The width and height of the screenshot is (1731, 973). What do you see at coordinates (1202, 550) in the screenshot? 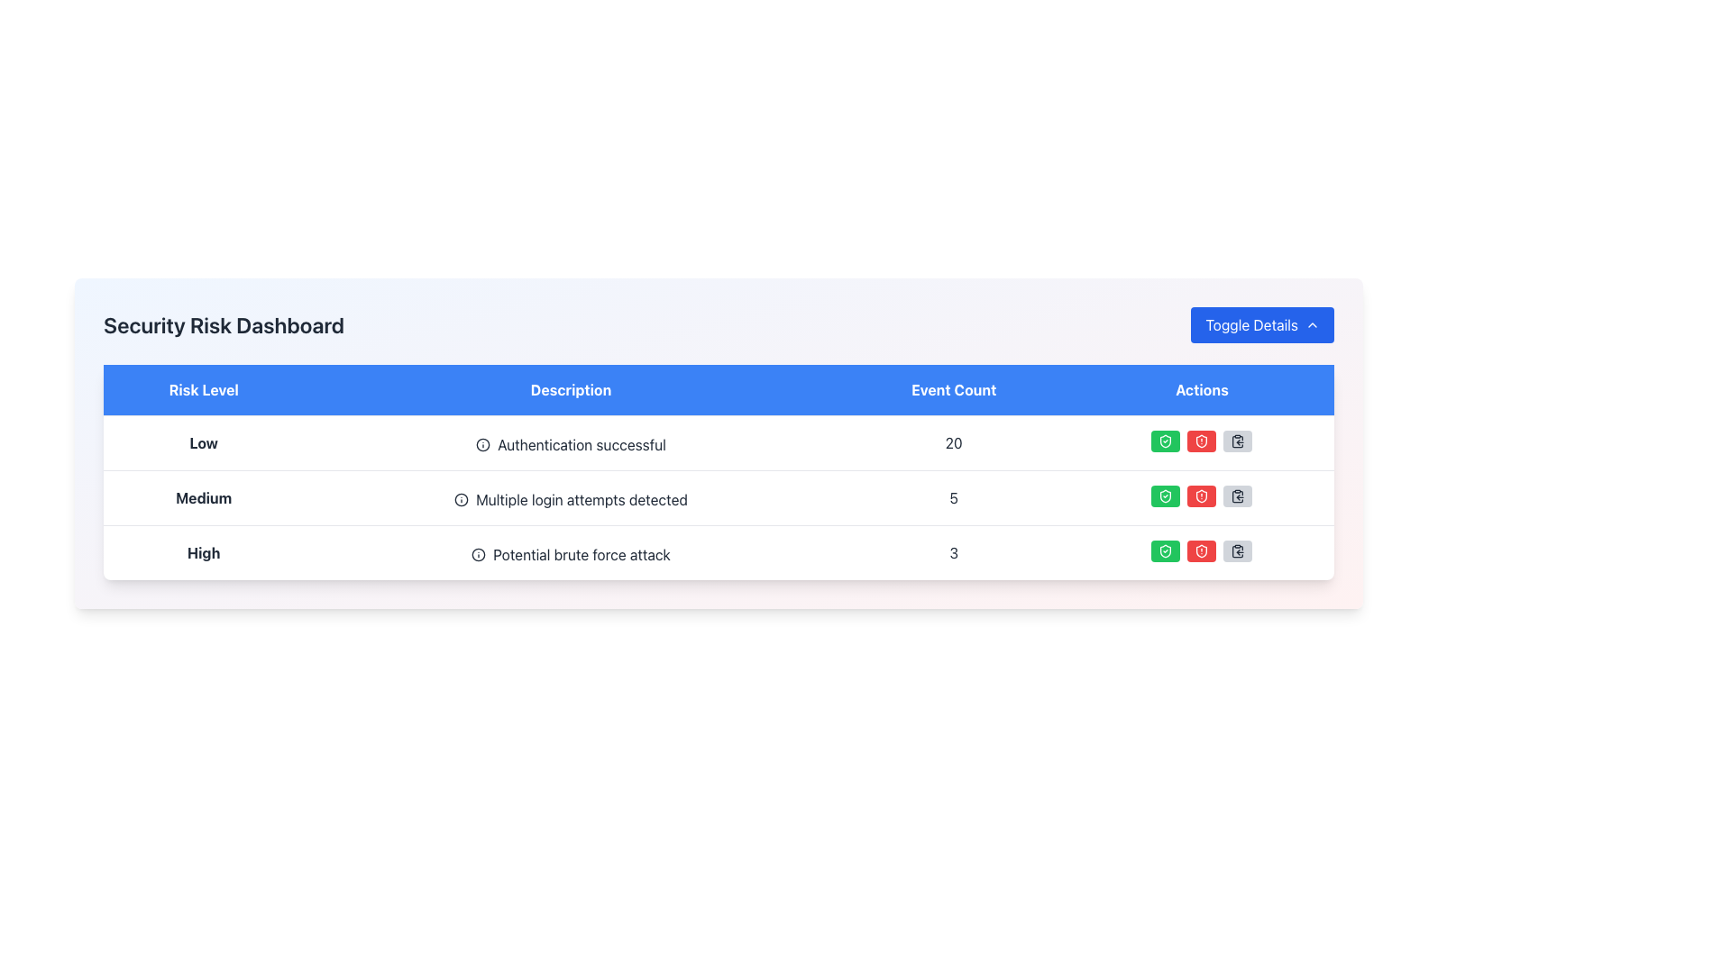
I see `the shield icon button located in the 'High' severity row of the 'Actions' column` at bounding box center [1202, 550].